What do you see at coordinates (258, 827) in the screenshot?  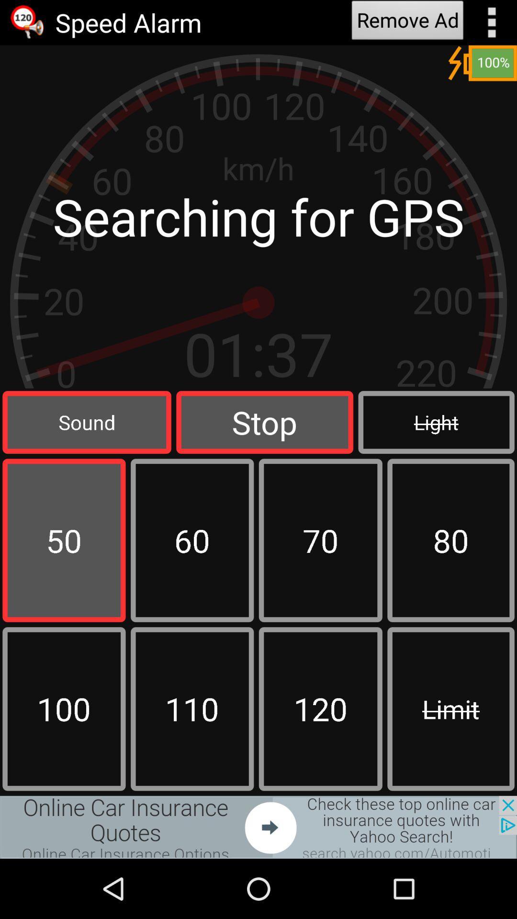 I see `advertisement banner` at bounding box center [258, 827].